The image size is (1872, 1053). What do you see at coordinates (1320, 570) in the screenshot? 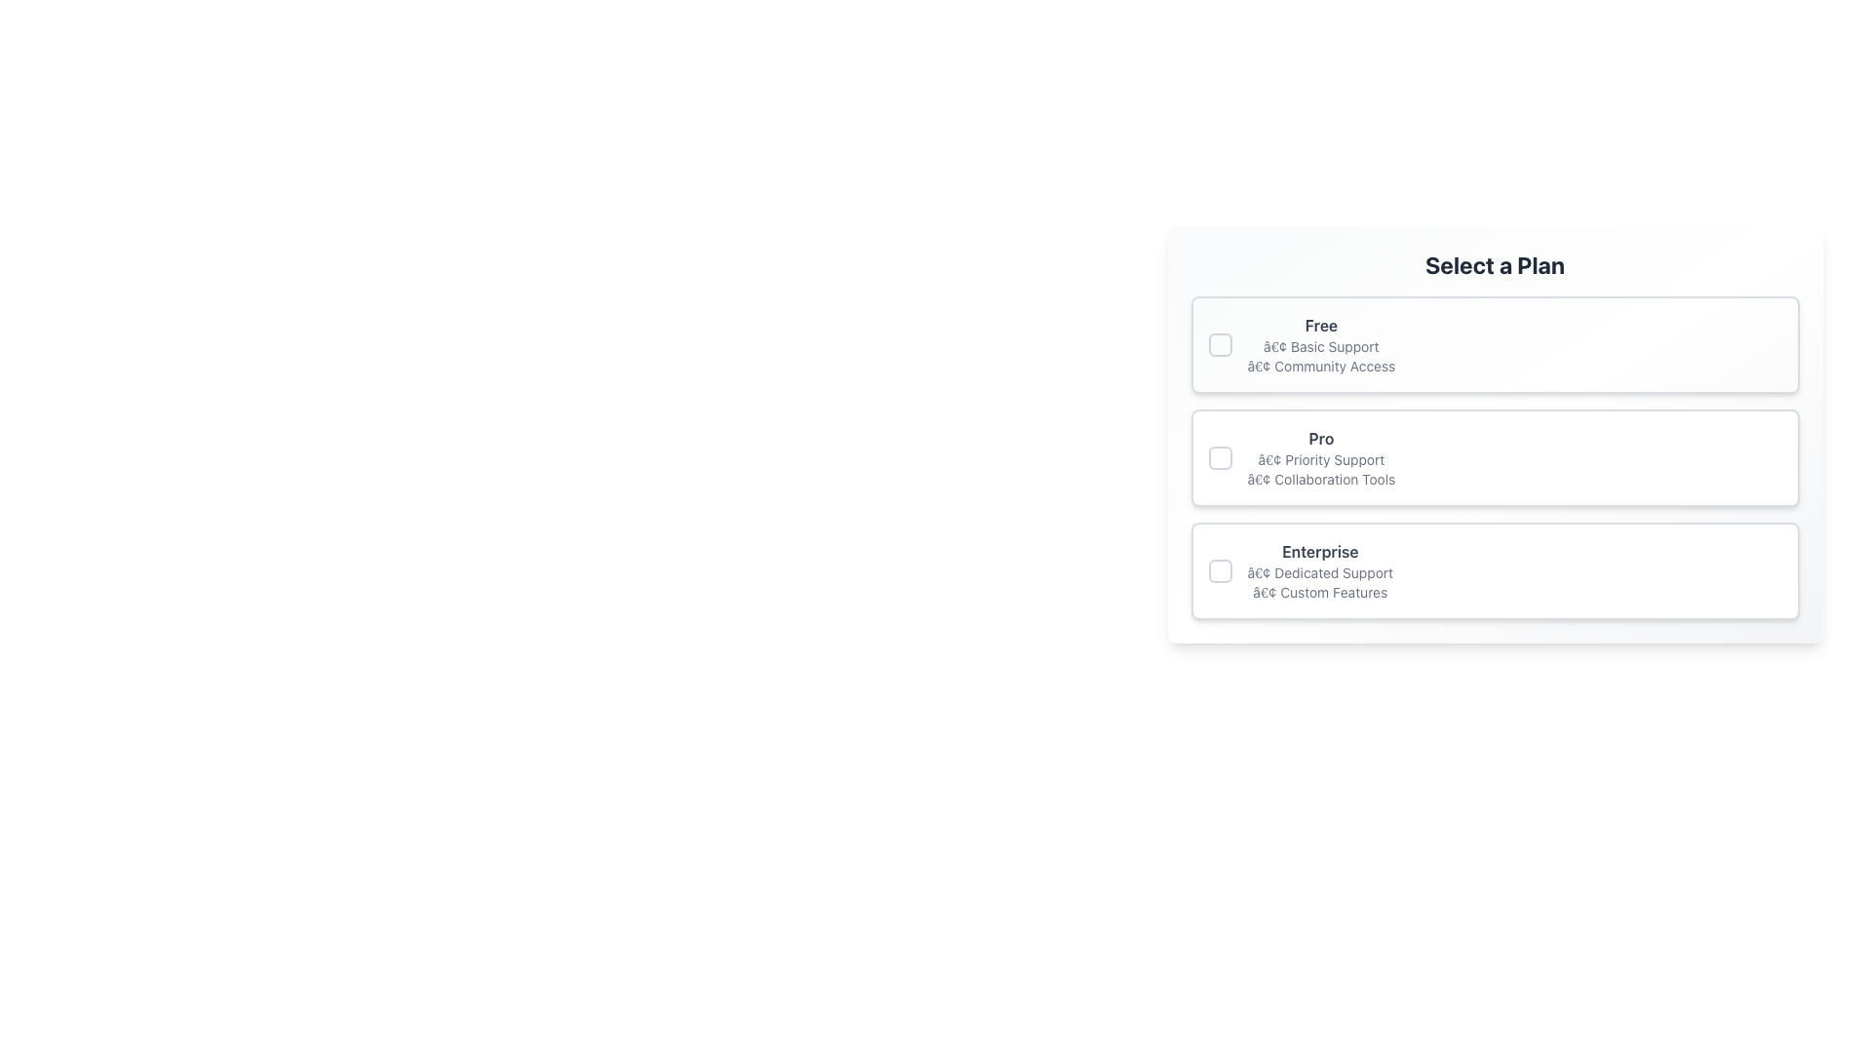
I see `the text block titled 'Enterprise' that contains the lines '• Dedicated Support' and '• Custom Features'` at bounding box center [1320, 570].